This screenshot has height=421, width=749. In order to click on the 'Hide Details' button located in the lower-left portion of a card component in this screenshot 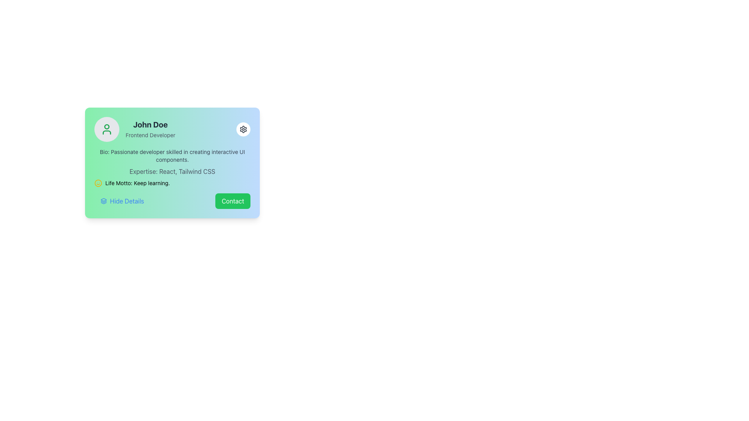, I will do `click(122, 201)`.